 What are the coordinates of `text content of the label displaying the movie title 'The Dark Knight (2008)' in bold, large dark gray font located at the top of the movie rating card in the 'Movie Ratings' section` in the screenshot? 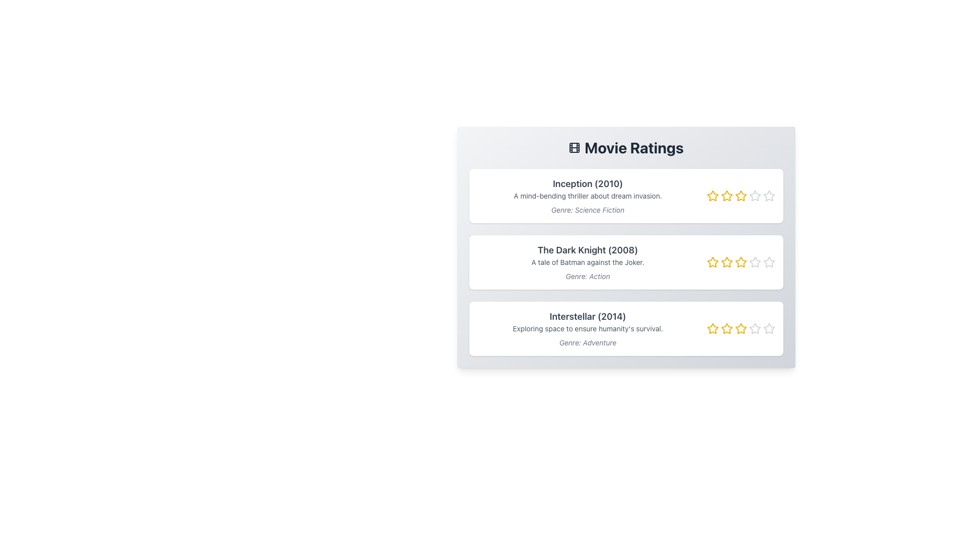 It's located at (588, 249).